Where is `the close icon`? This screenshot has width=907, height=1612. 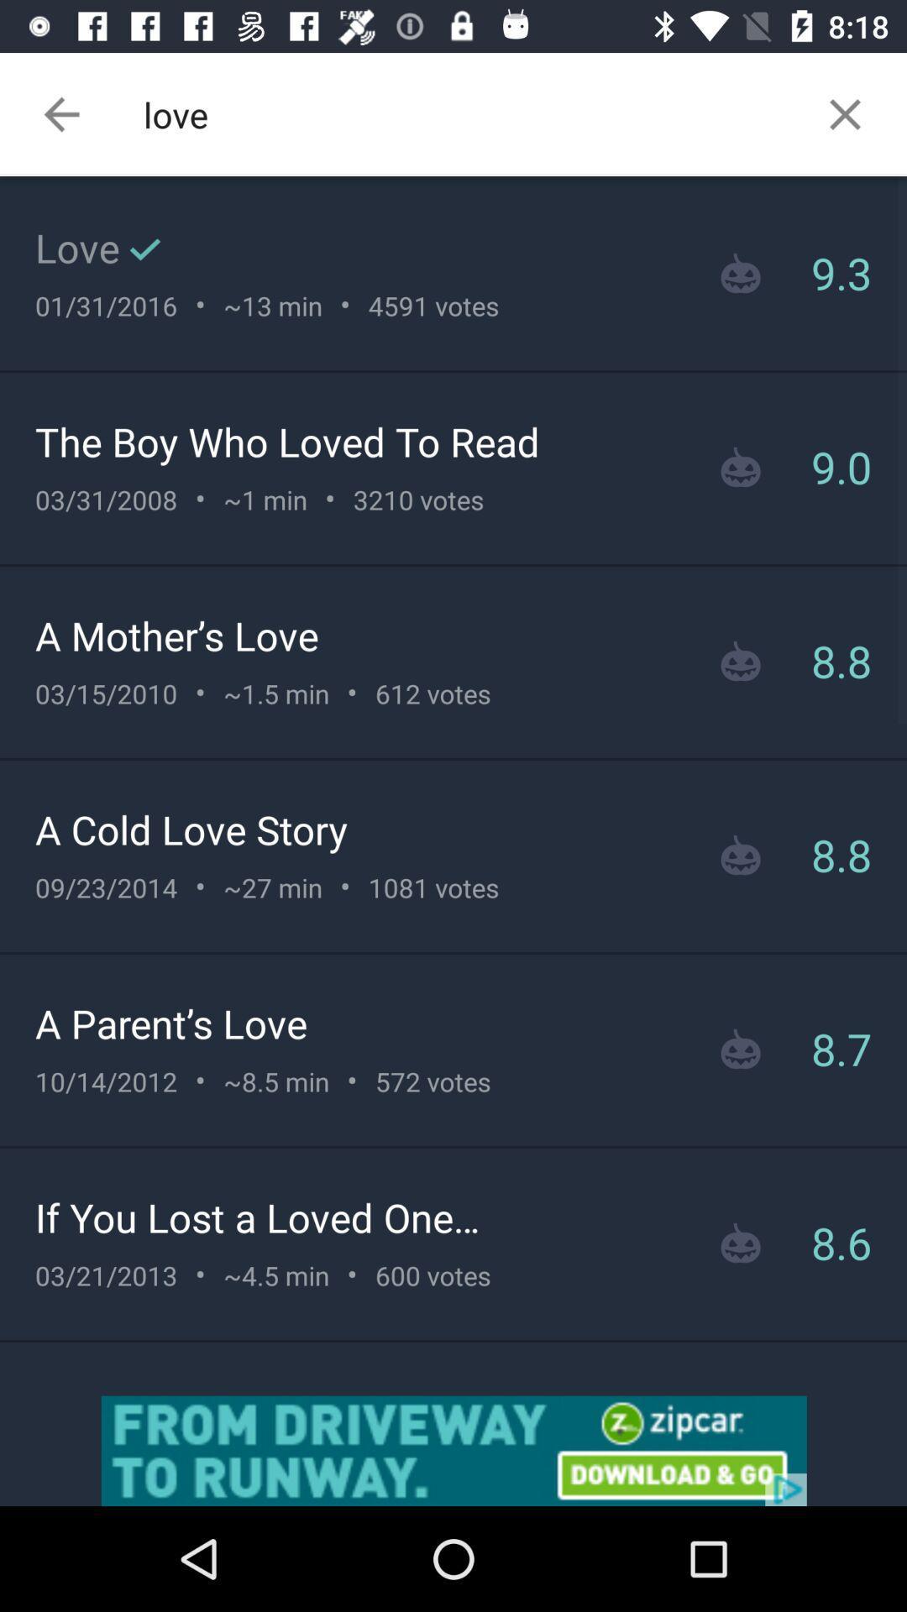 the close icon is located at coordinates (845, 113).